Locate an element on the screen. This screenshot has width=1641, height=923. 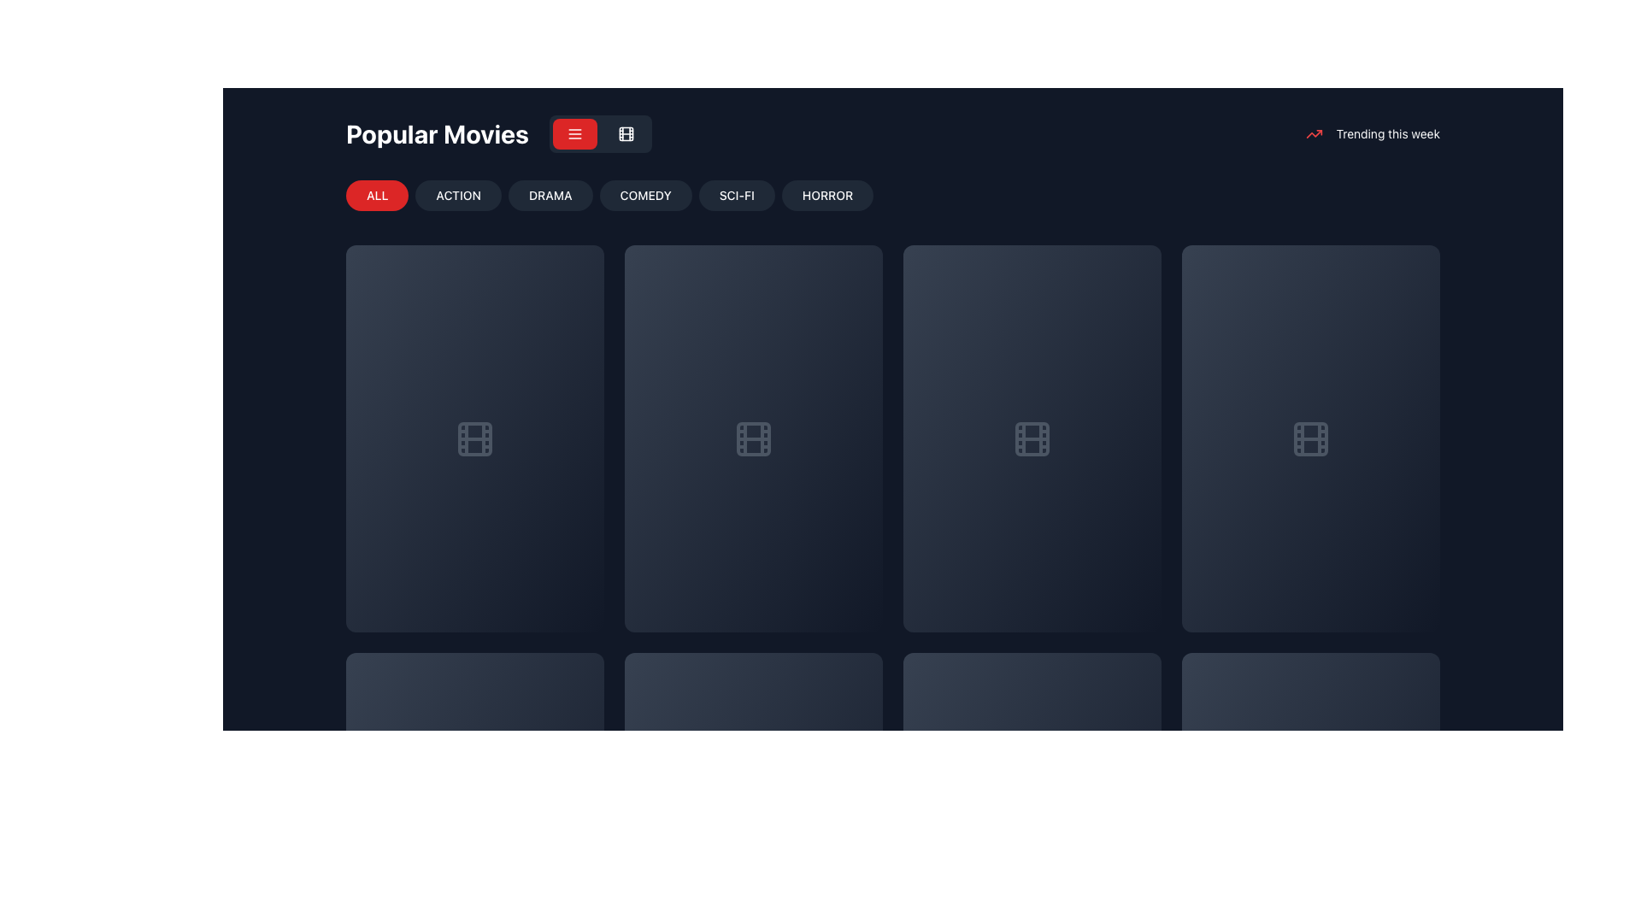
the trend analytics icon located in the top-right corner of the interface, preceding the 'Trending this week' text is located at coordinates (1313, 133).